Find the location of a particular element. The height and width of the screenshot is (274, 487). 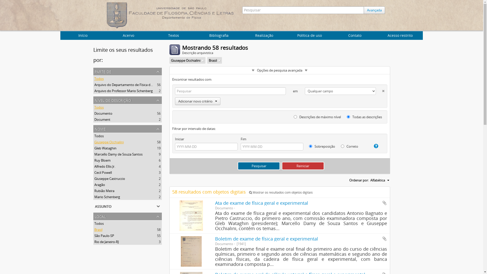

'Giuseppe Castruccio' is located at coordinates (109, 178).